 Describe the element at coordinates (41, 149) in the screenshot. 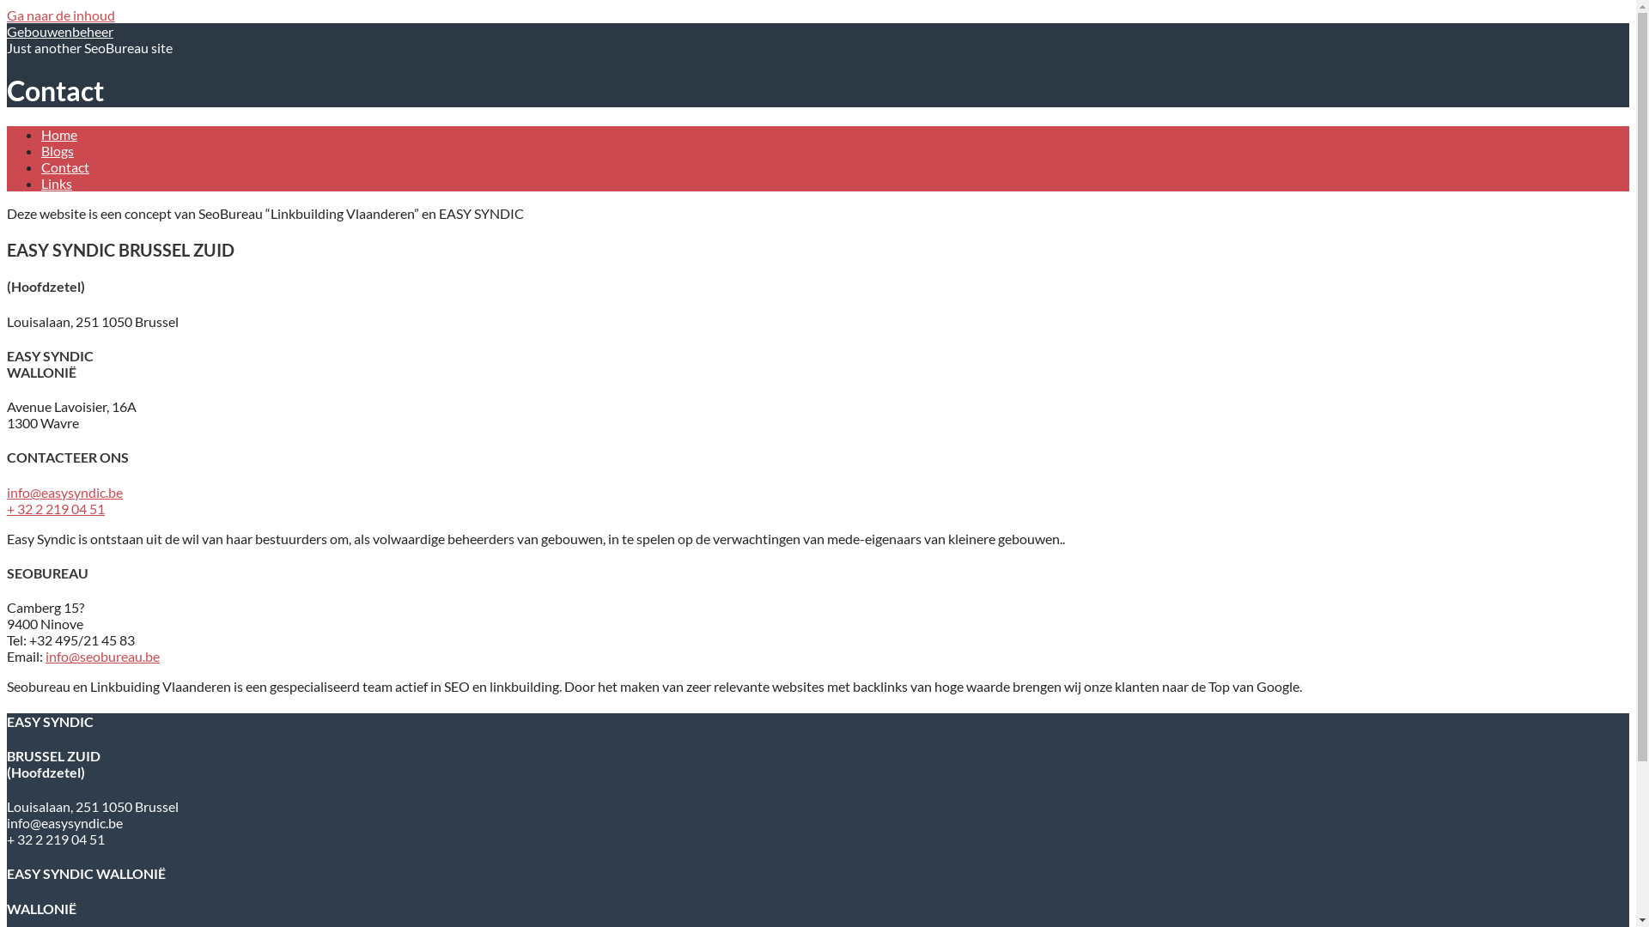

I see `'Blogs'` at that location.